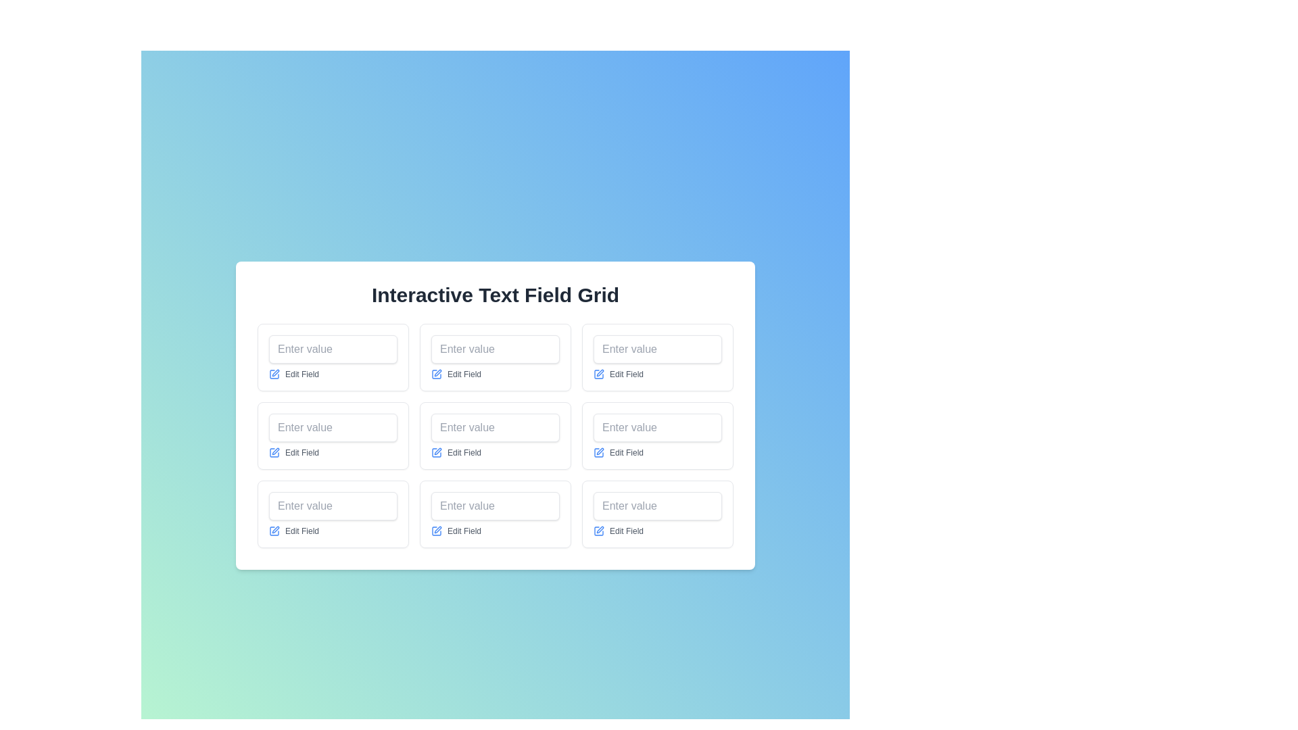 Image resolution: width=1298 pixels, height=730 pixels. What do you see at coordinates (598, 531) in the screenshot?
I see `the small blue pen icon with a square outline located at the bottom right corner of the grid, next to the 'Edit Field' label` at bounding box center [598, 531].